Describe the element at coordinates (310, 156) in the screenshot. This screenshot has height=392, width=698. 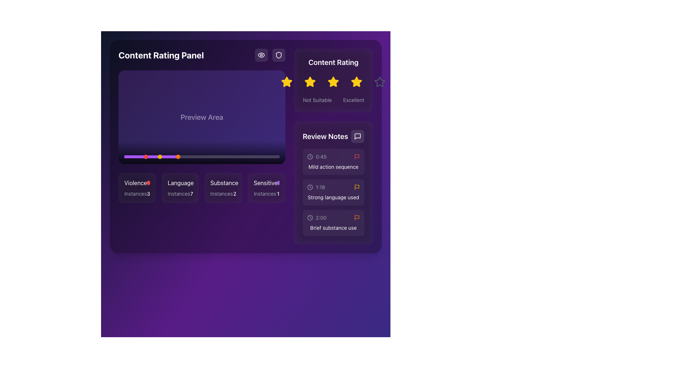
I see `circular graphic element of the clock icon located near the top-right corner of the interface, adjacent to the 'Content Rating' section, for design information` at that location.